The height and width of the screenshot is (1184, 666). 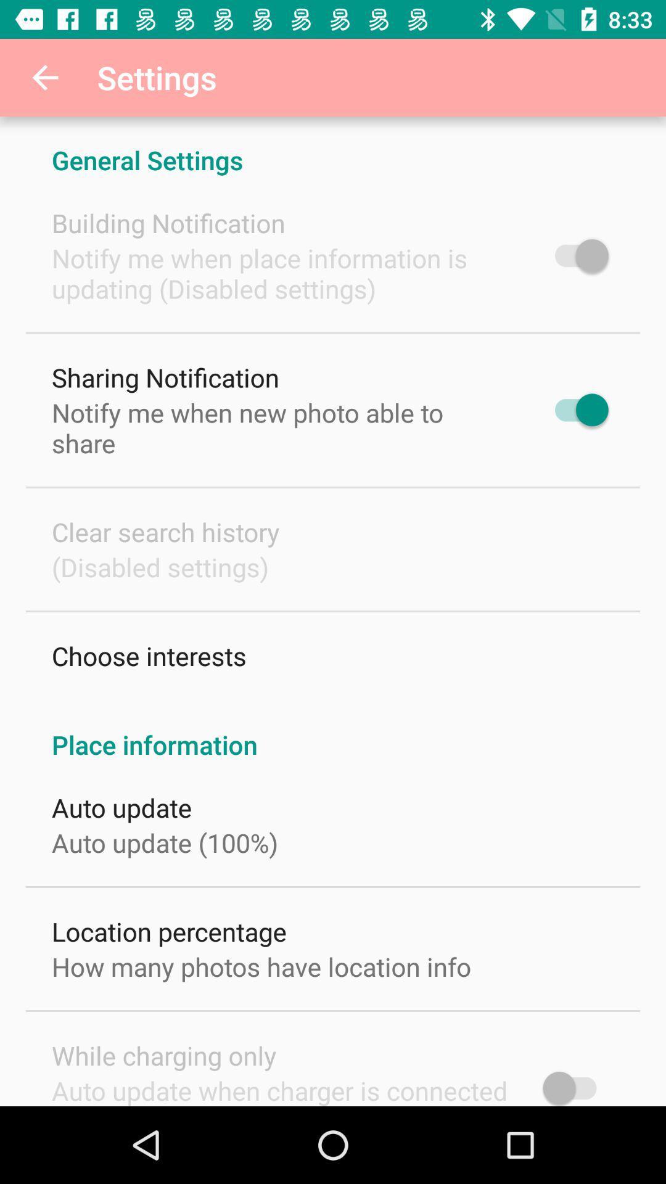 I want to click on the icon above the general settings item, so click(x=44, y=76).